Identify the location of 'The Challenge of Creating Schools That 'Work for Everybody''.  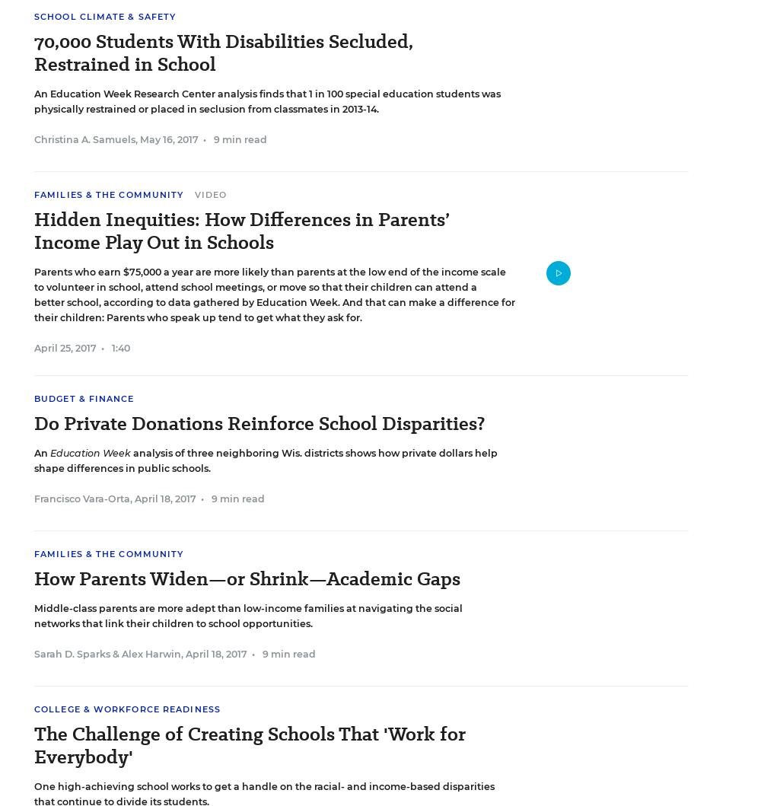
(249, 744).